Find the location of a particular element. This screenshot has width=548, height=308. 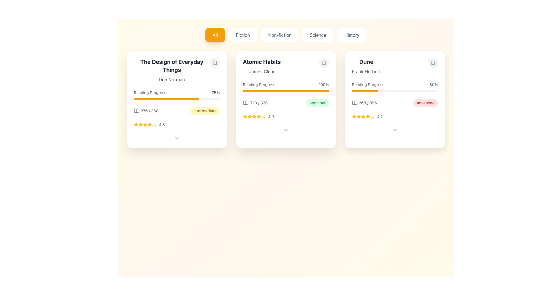

the Dropdown Button located at the bottom center of the card for 'The Design of Everyday Things' is located at coordinates (176, 137).